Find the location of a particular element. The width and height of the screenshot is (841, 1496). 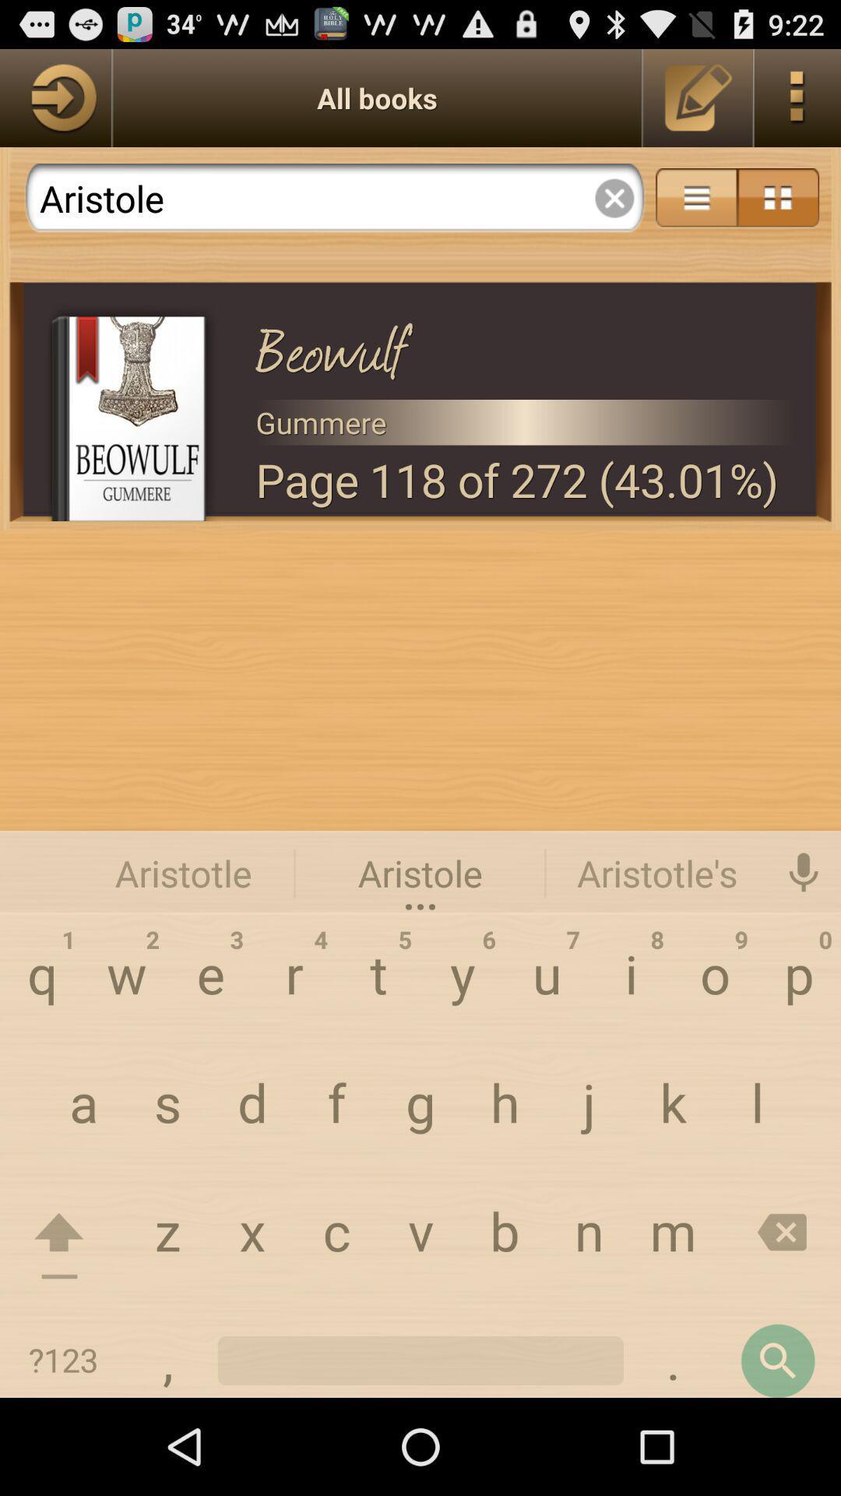

delete text is located at coordinates (614, 197).